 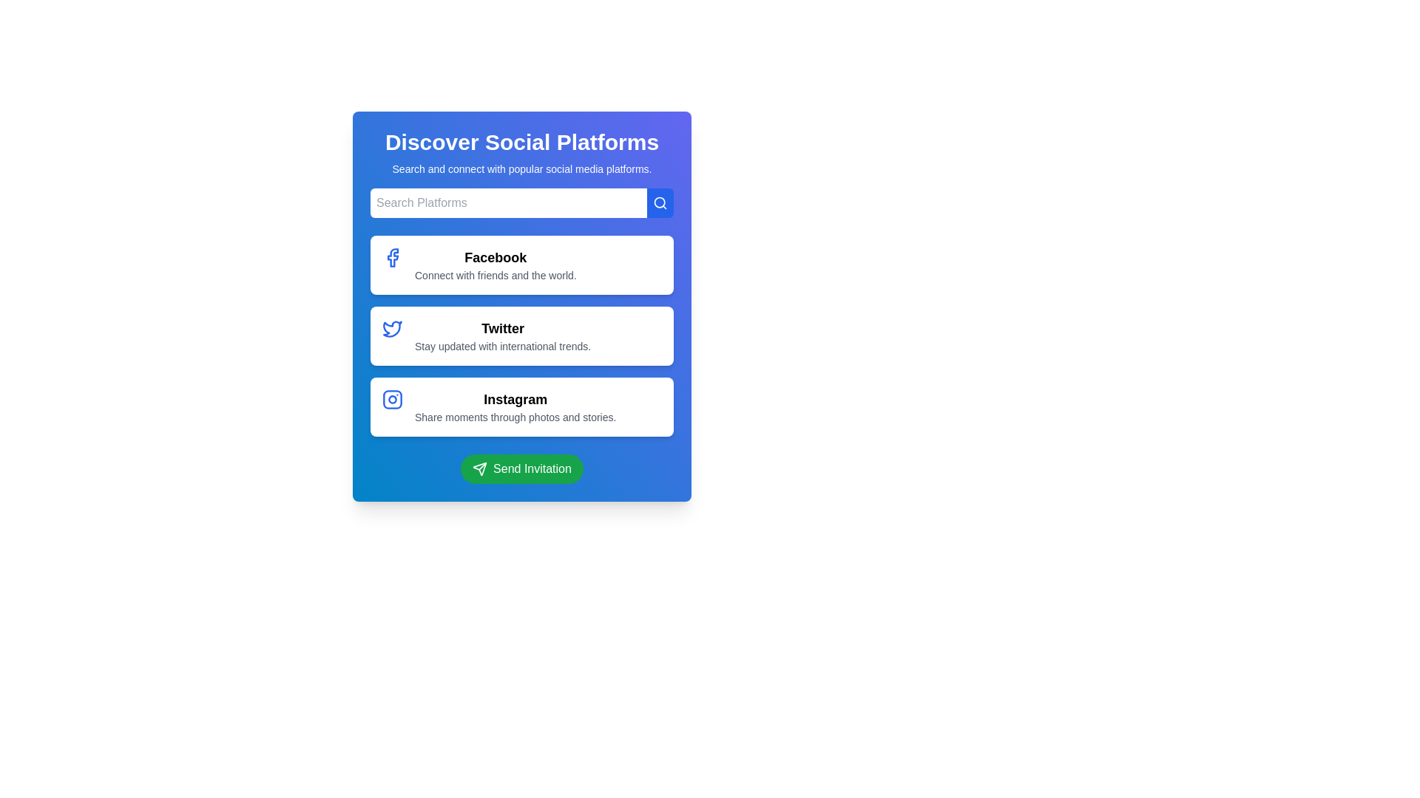 What do you see at coordinates (503, 347) in the screenshot?
I see `the Text label that describes the Twitter platform, located below the 'Twitter' text in the blue card interface` at bounding box center [503, 347].